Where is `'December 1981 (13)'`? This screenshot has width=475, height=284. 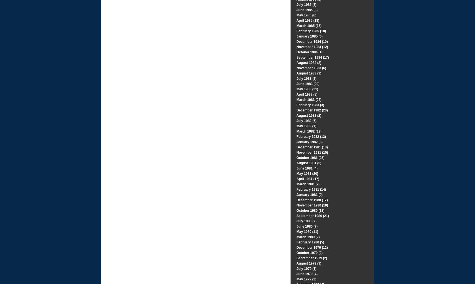 'December 1981 (13)' is located at coordinates (296, 147).